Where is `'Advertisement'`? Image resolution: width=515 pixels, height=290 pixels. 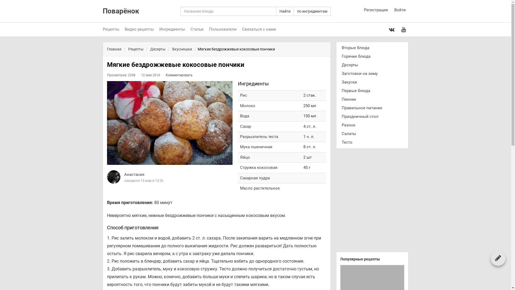
'Advertisement' is located at coordinates (372, 202).